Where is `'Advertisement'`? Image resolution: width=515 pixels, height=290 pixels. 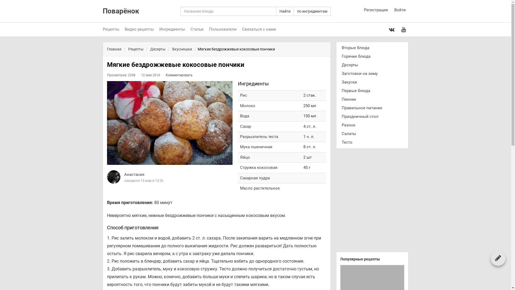
'Advertisement' is located at coordinates (372, 202).